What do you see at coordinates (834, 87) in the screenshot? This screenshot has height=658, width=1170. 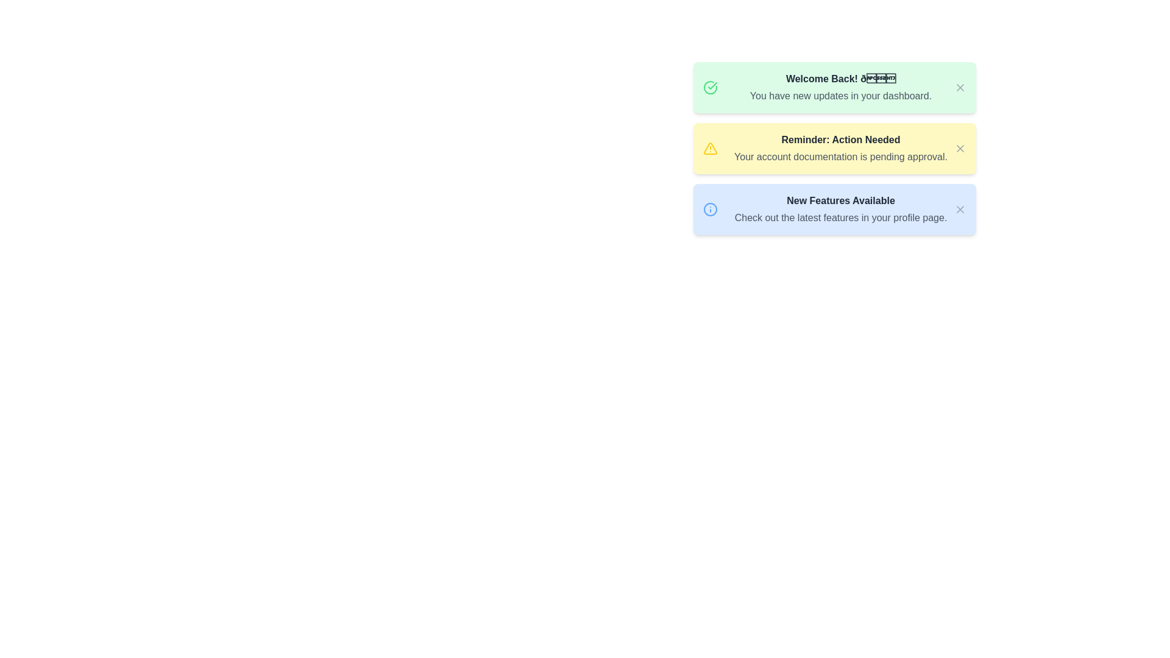 I see `the first notification card, which welcomes the user back and informs them of updates available in their dashboard` at bounding box center [834, 87].